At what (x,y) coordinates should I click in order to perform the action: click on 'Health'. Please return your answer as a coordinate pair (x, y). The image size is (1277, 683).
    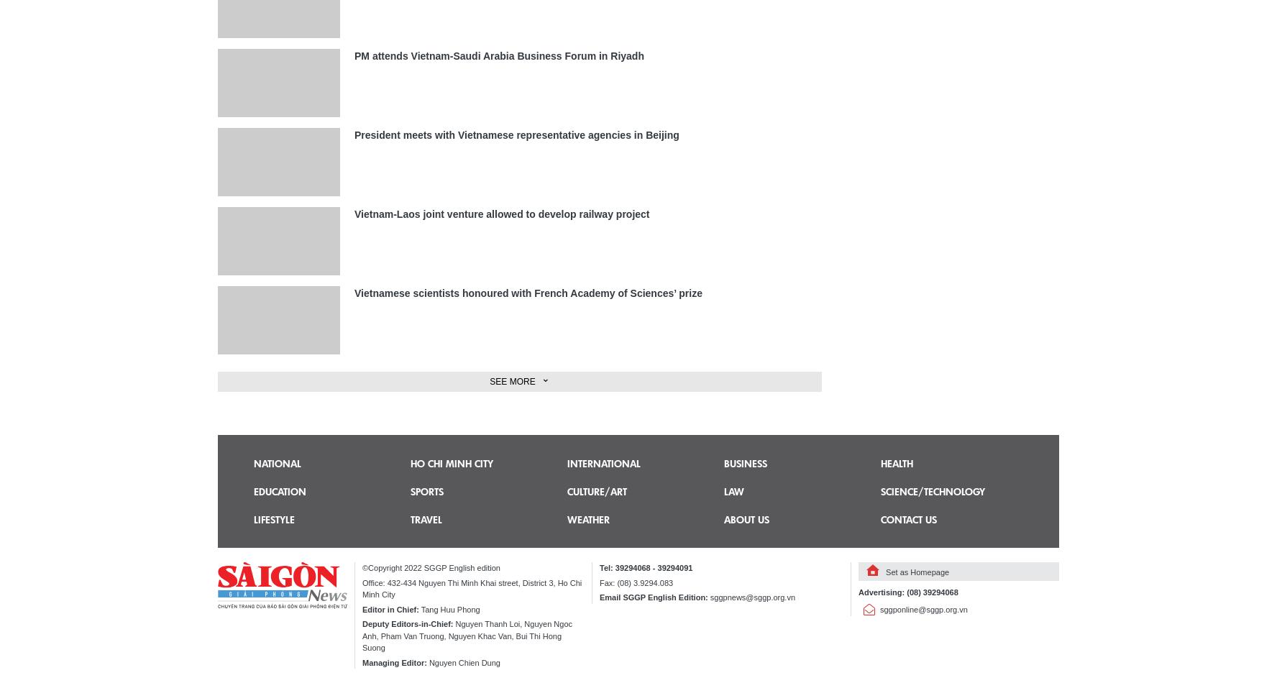
    Looking at the image, I should click on (896, 463).